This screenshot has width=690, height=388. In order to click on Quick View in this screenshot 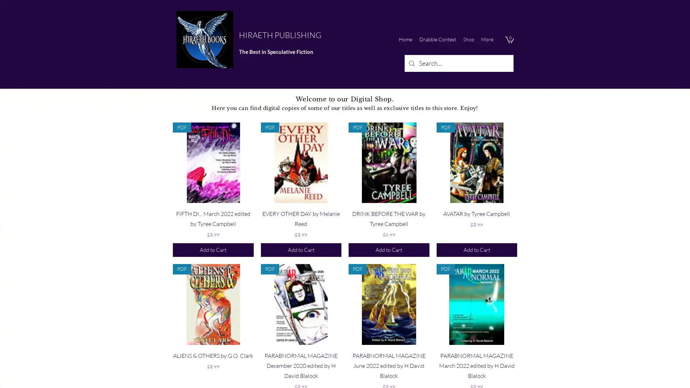, I will do `click(301, 212)`.